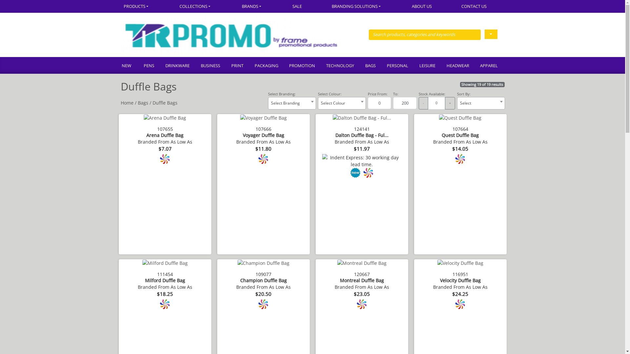 This screenshot has height=354, width=630. Describe the element at coordinates (210, 66) in the screenshot. I see `'BUSINESS'` at that location.